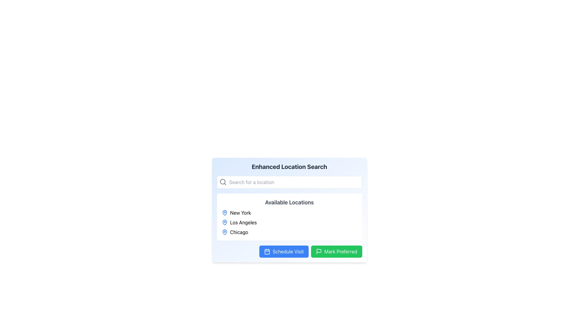 The image size is (581, 327). I want to click on the 'Los Angeles' location icon, which is a map pin icon positioned to the left of the text 'Los Angeles', so click(224, 223).